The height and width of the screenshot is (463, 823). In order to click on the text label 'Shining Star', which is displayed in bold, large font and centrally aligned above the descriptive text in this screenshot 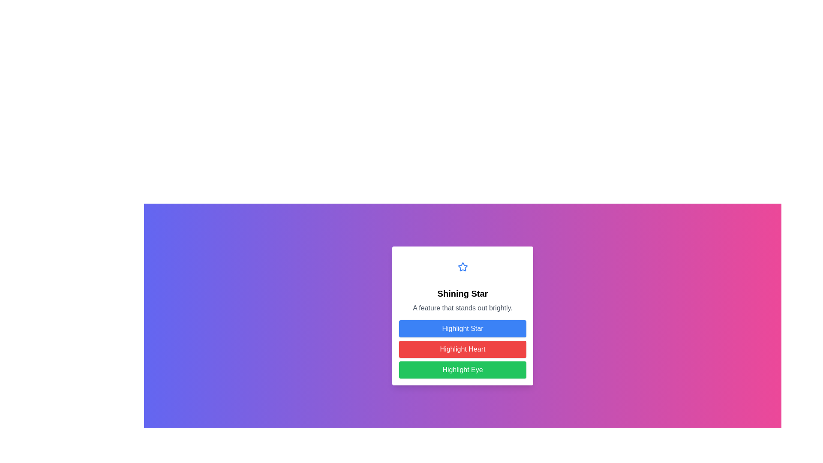, I will do `click(462, 293)`.